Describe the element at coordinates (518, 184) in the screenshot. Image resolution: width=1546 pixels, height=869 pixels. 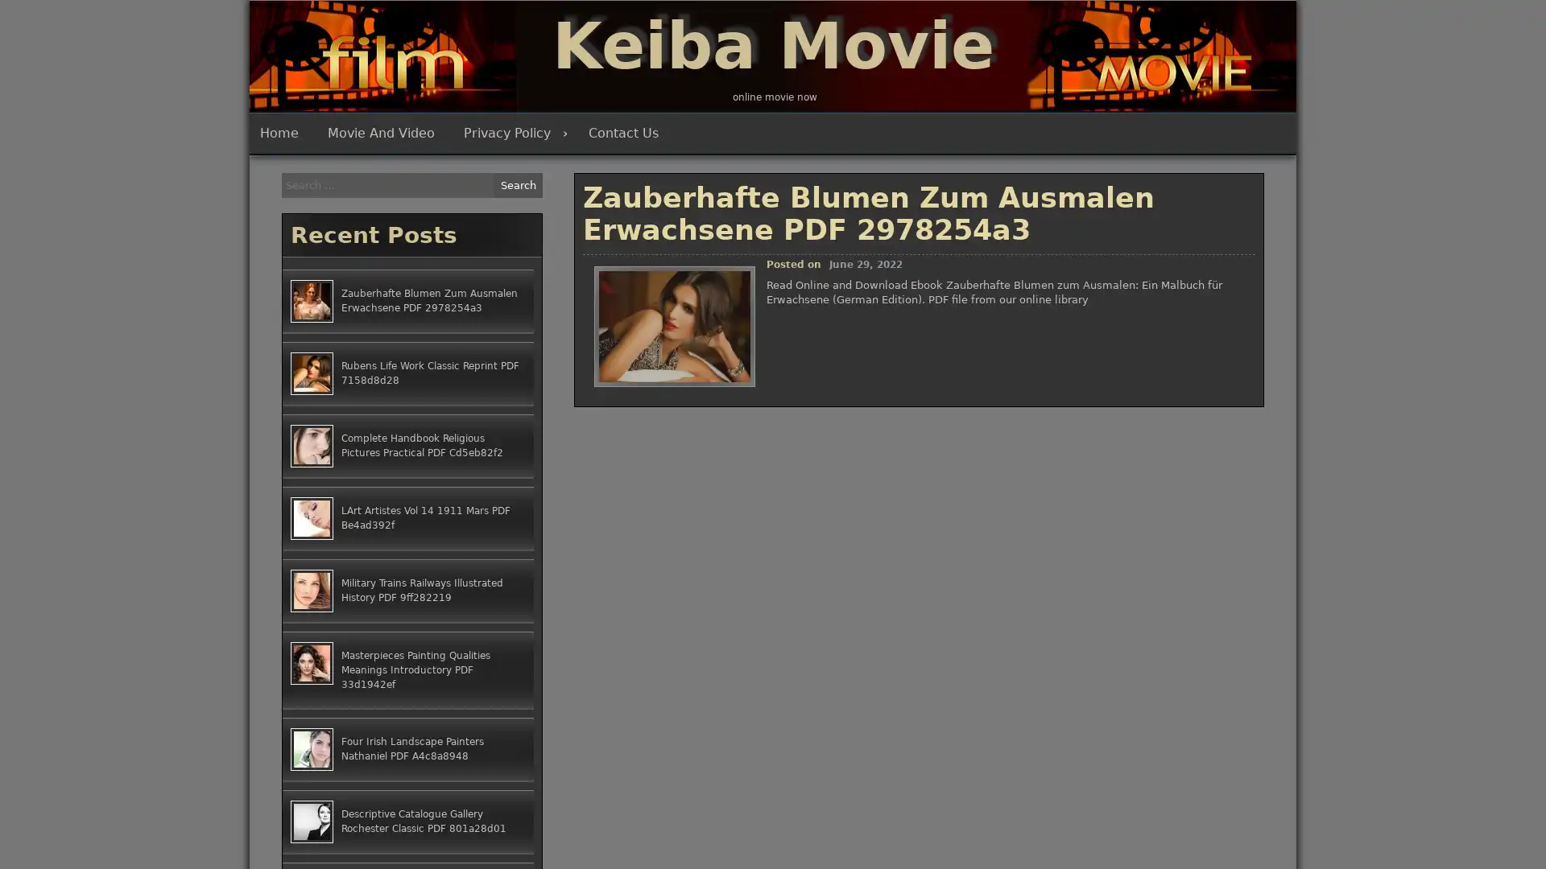
I see `Search` at that location.